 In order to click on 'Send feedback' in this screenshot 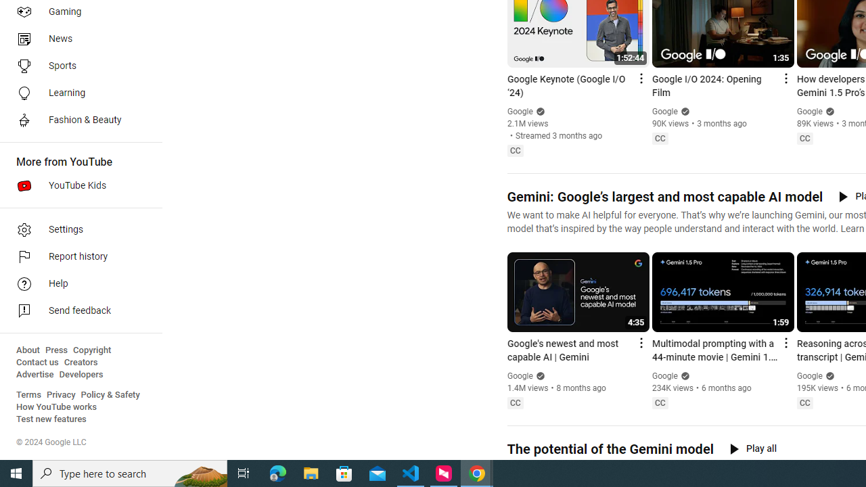, I will do `click(76, 311)`.